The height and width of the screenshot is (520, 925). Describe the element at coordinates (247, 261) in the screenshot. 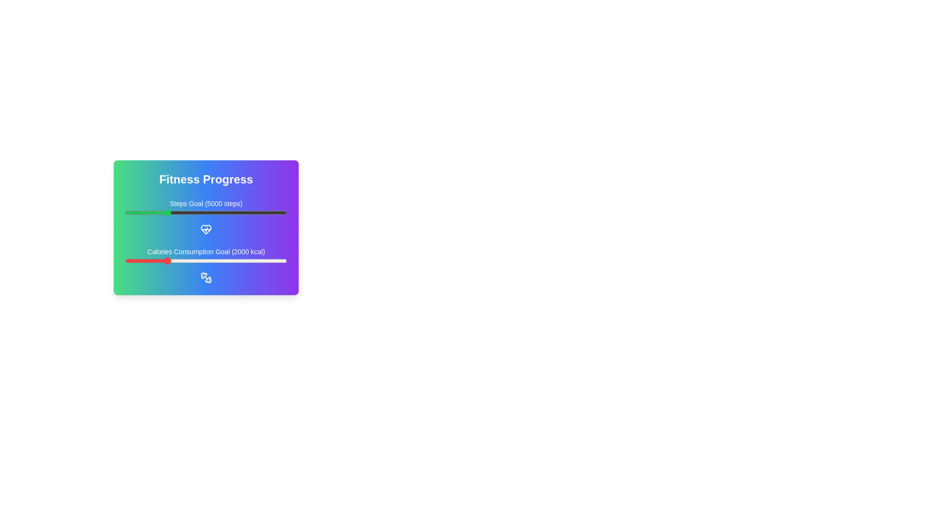

I see `the calorie goal` at that location.